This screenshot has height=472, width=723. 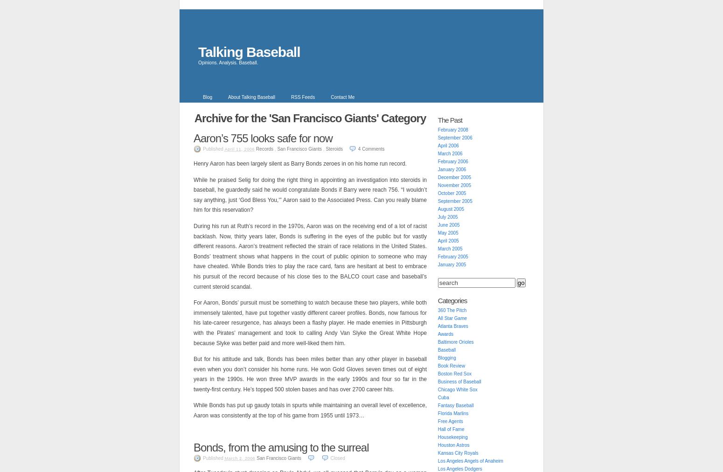 I want to click on 'August 2005', so click(x=450, y=209).